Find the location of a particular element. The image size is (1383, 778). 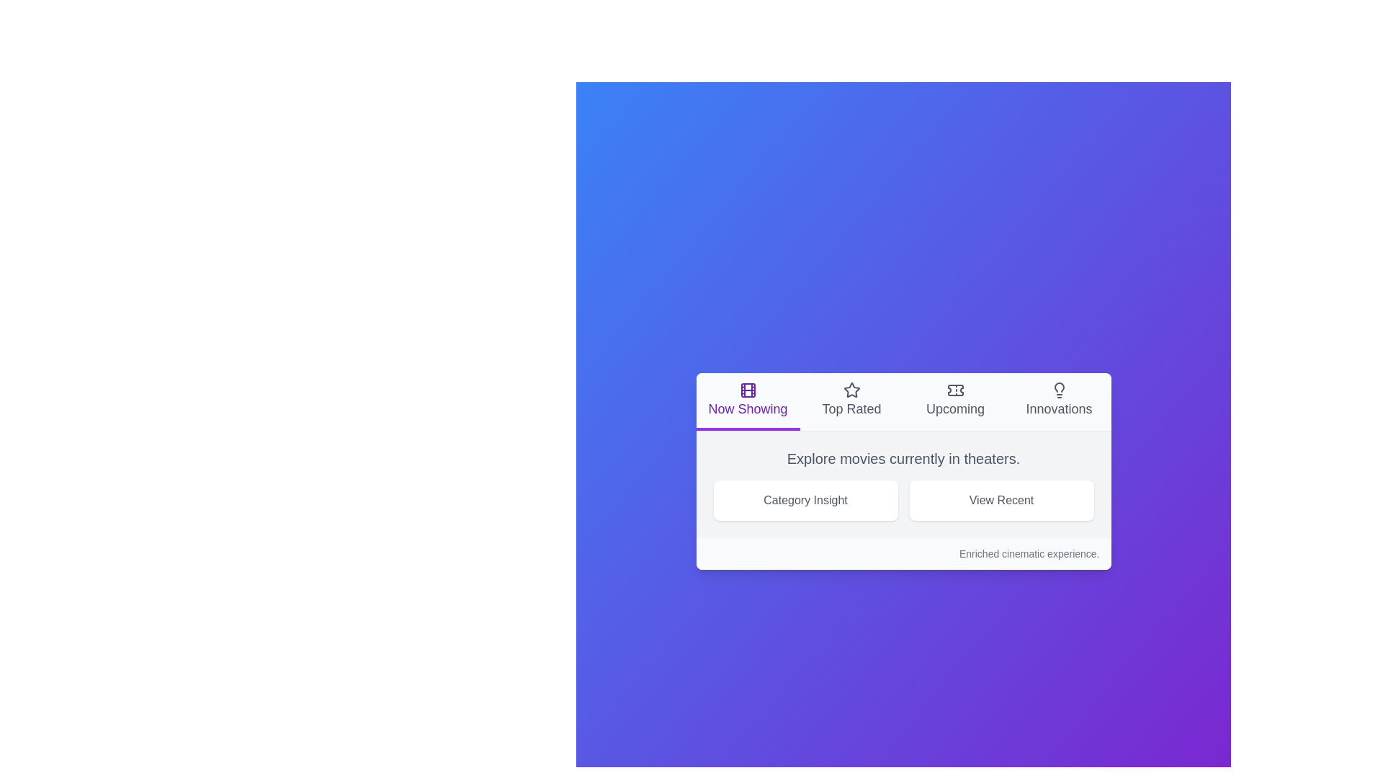

the 'Upcoming' icon in the navigation bar is located at coordinates (955, 390).